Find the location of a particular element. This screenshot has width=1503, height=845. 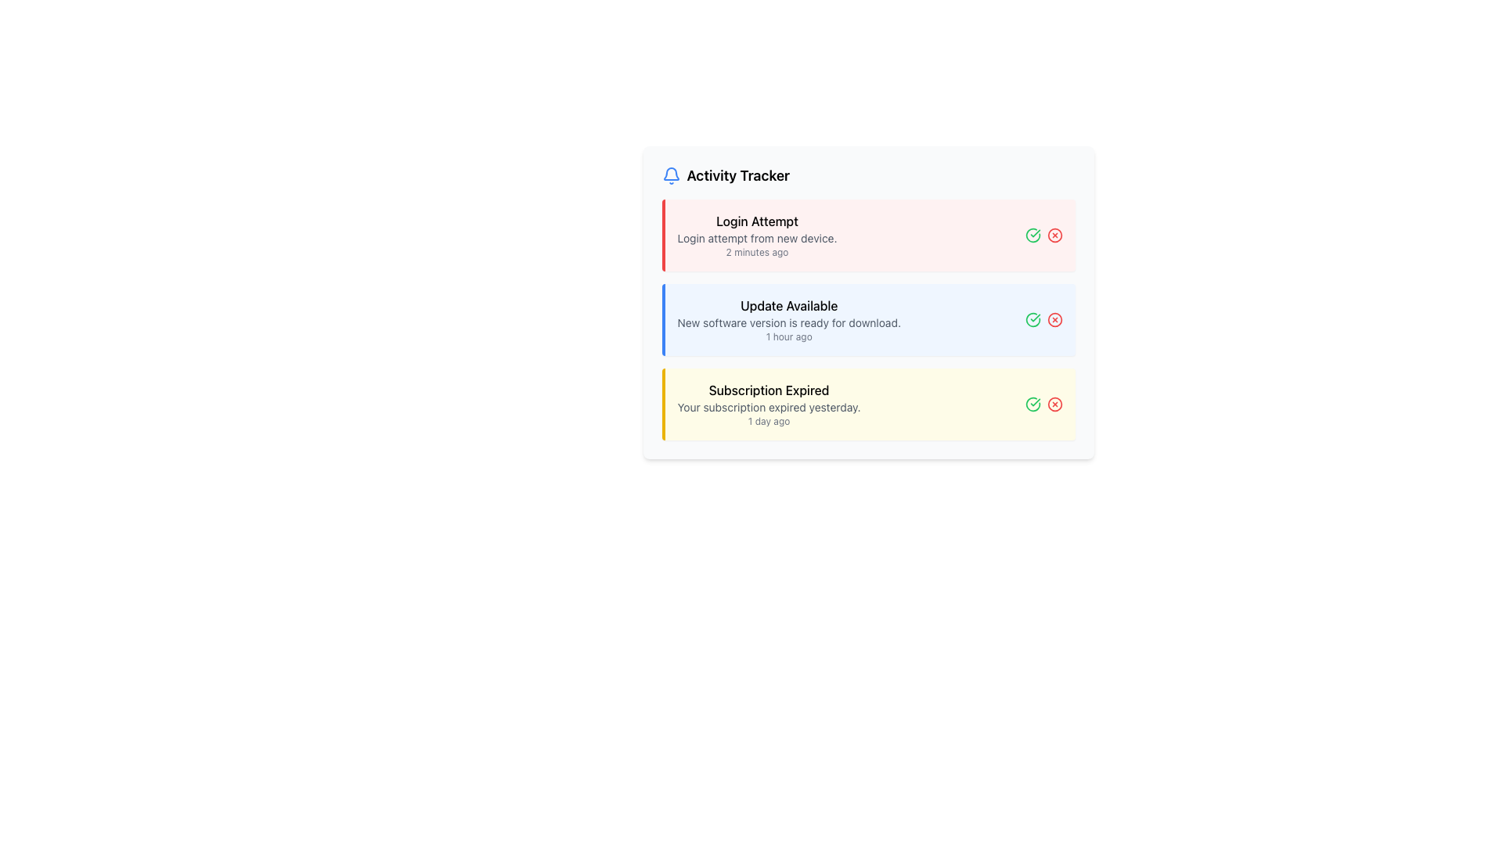

the Text Label providing additional information regarding the update notification, which is positioned below the 'Update Available' header and above the '1 hour ago' timestamp, located centrally in the notification card is located at coordinates (789, 322).